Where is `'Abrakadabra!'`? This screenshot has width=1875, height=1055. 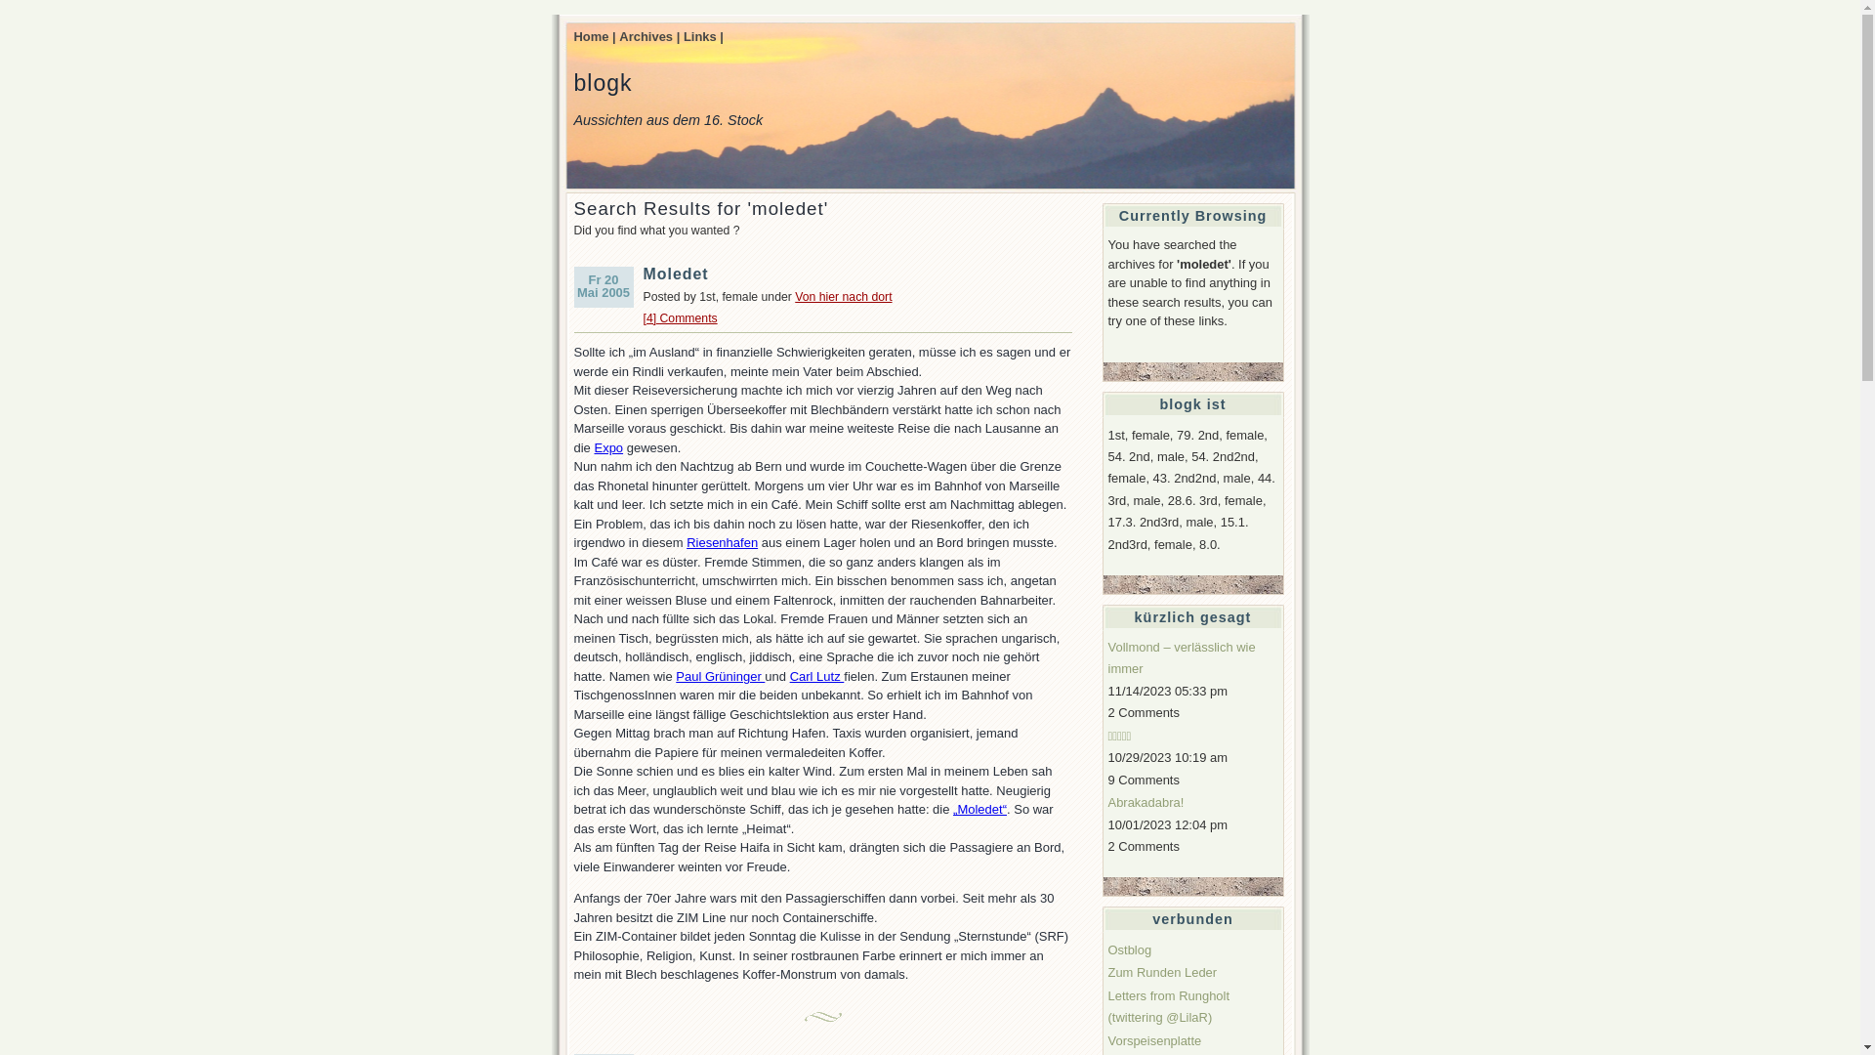
'Abrakadabra!' is located at coordinates (1145, 802).